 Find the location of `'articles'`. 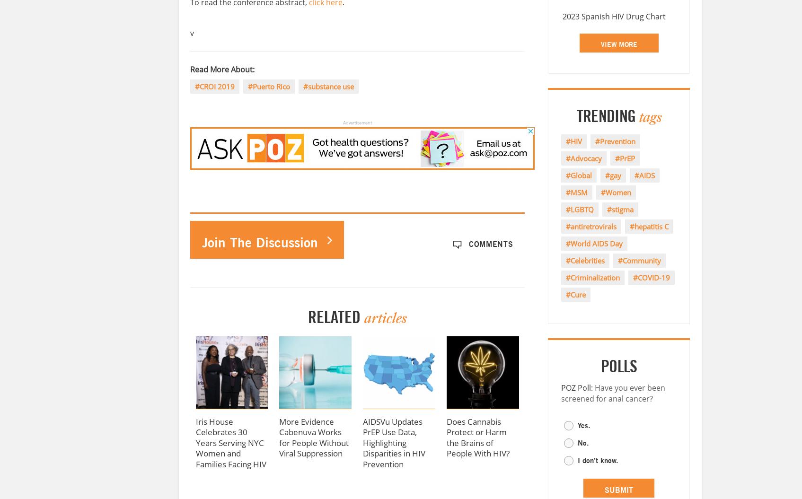

'articles' is located at coordinates (385, 317).